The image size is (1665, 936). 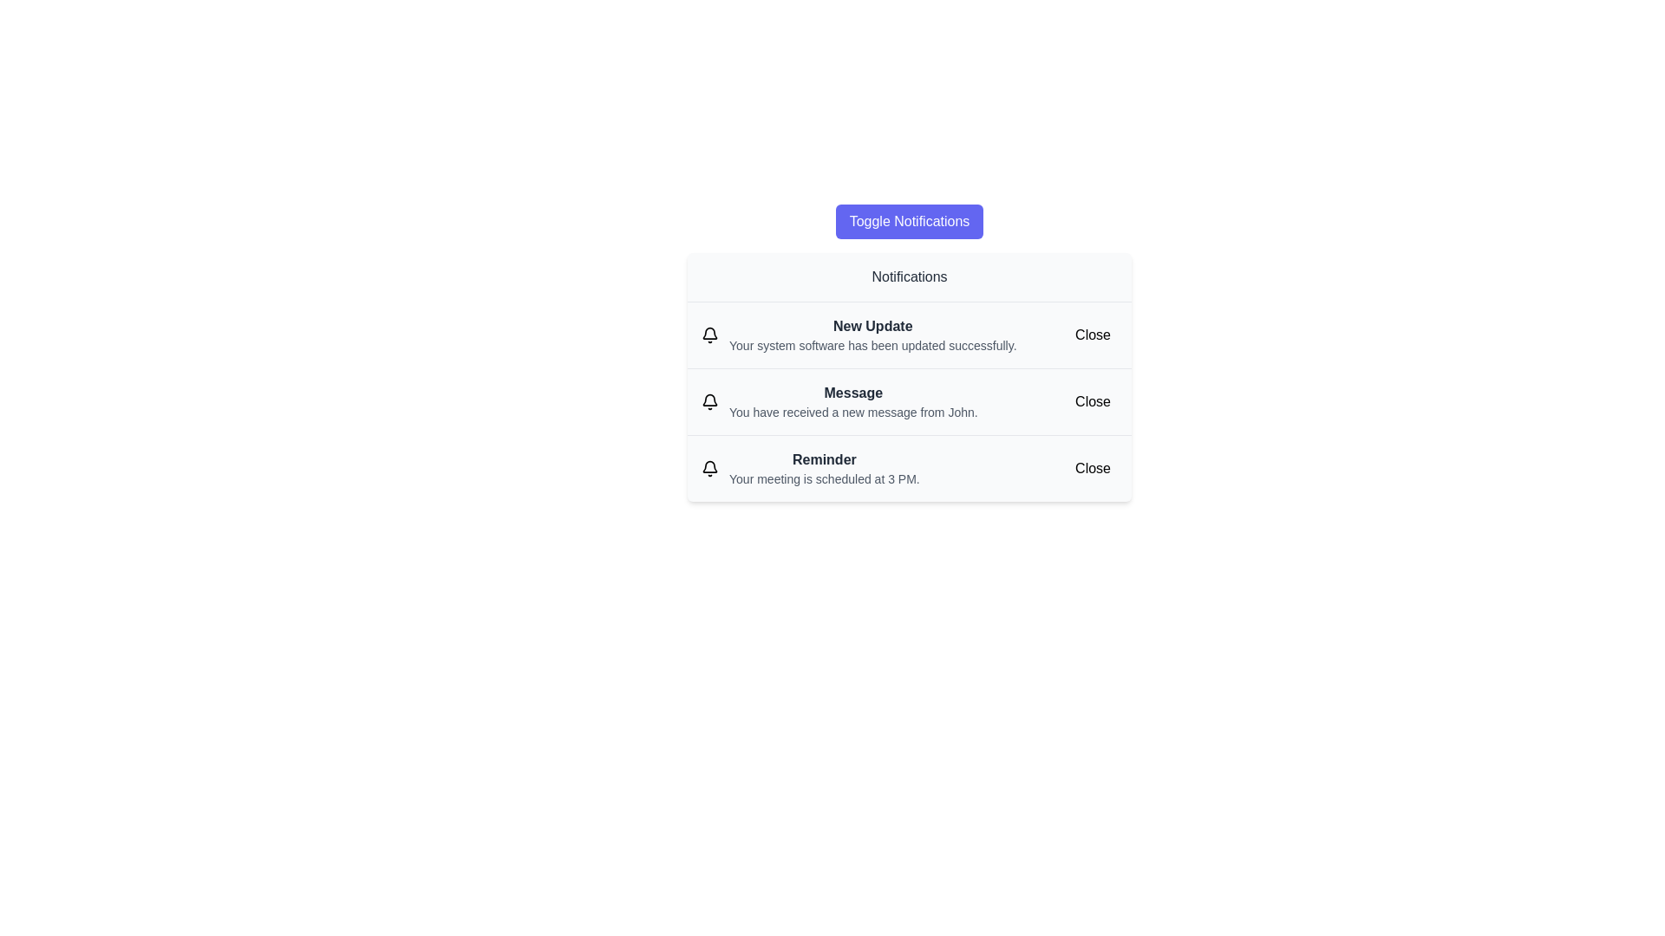 What do you see at coordinates (909, 335) in the screenshot?
I see `details of the first notification item labeled 'New Update' in the notification list` at bounding box center [909, 335].